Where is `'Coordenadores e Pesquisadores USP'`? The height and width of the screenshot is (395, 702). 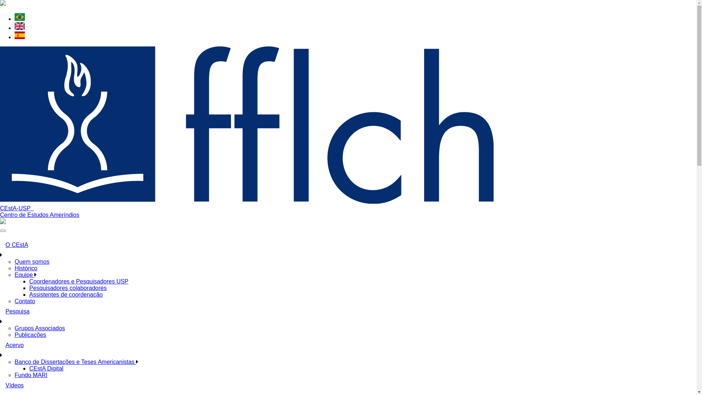
'Coordenadores e Pesquisadores USP' is located at coordinates (79, 281).